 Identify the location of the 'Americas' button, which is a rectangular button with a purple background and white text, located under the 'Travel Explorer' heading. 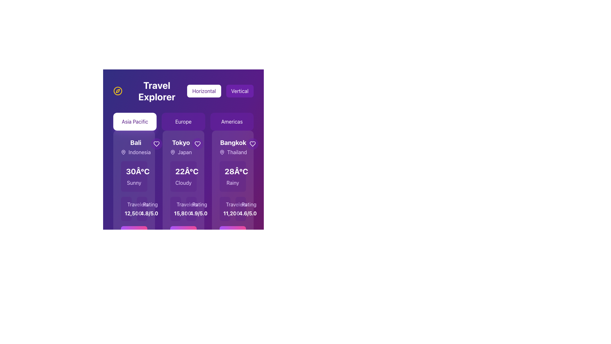
(231, 121).